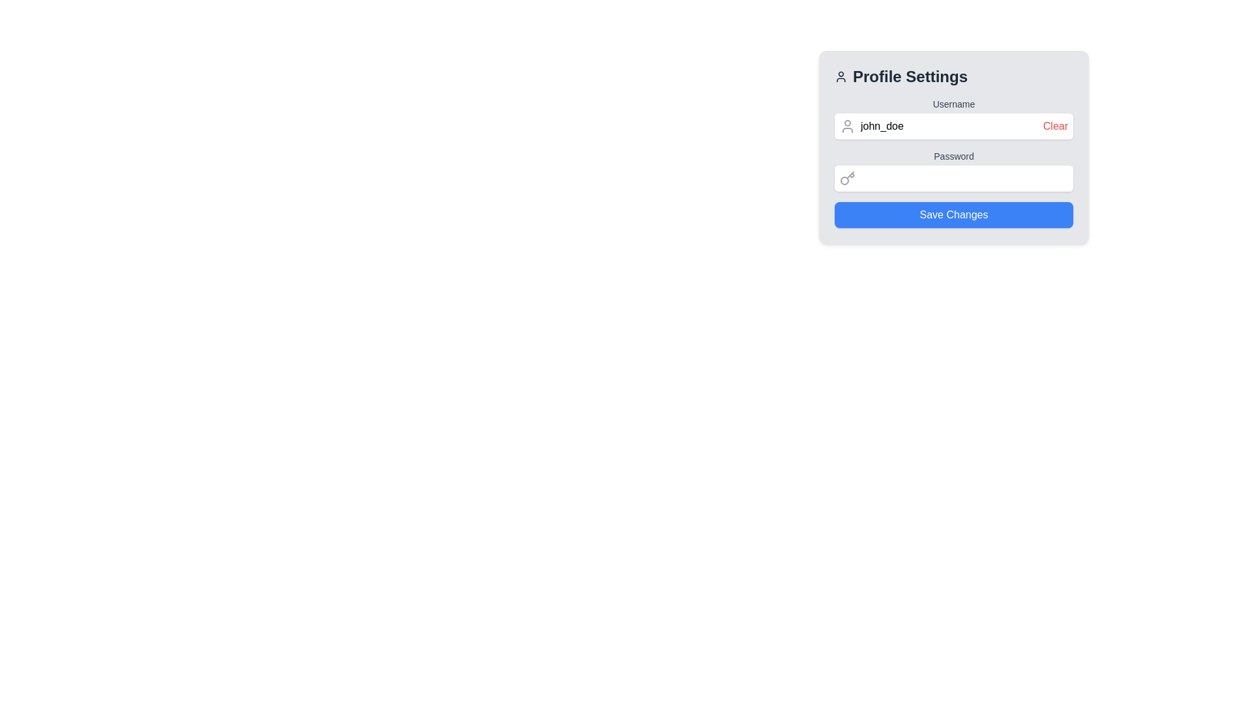 The image size is (1252, 704). What do you see at coordinates (841, 77) in the screenshot?
I see `the User Profile Indicator icon located to the left of the 'Profile Settings' text in the header of the profile settings interface` at bounding box center [841, 77].